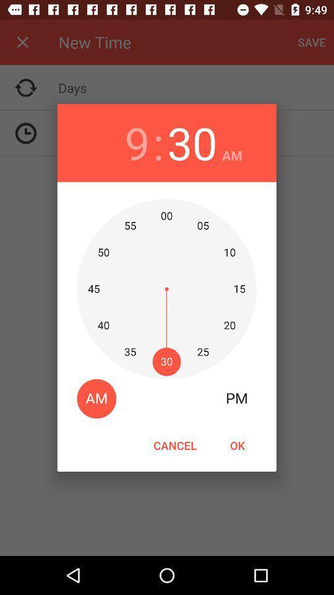  I want to click on icon next to : item, so click(192, 143).